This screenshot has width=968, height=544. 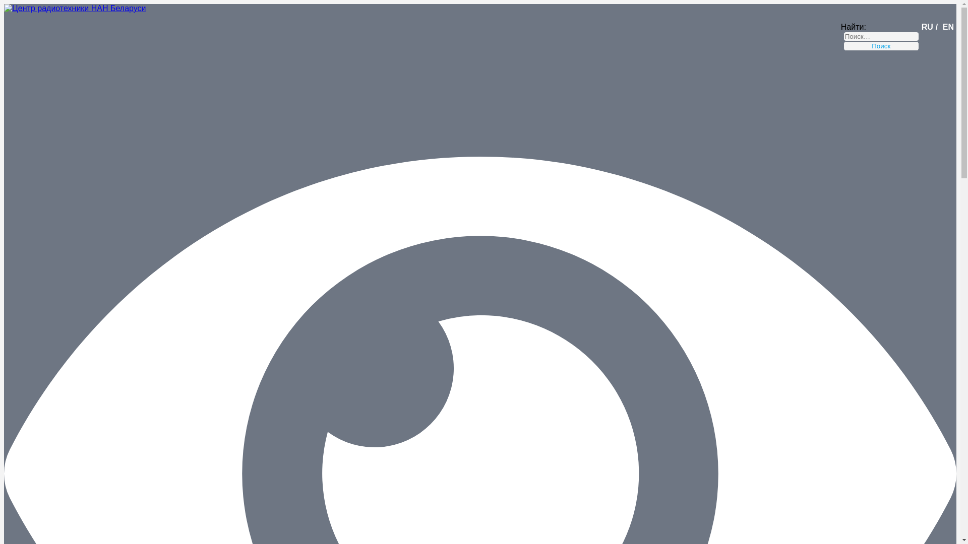 What do you see at coordinates (922, 26) in the screenshot?
I see `'RU'` at bounding box center [922, 26].